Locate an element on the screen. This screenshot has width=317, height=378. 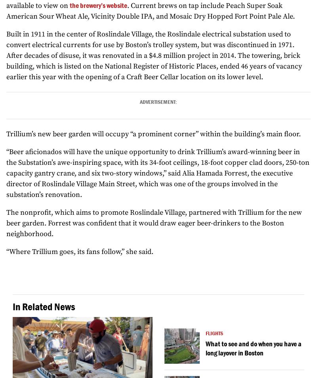
'Flights' is located at coordinates (214, 332).